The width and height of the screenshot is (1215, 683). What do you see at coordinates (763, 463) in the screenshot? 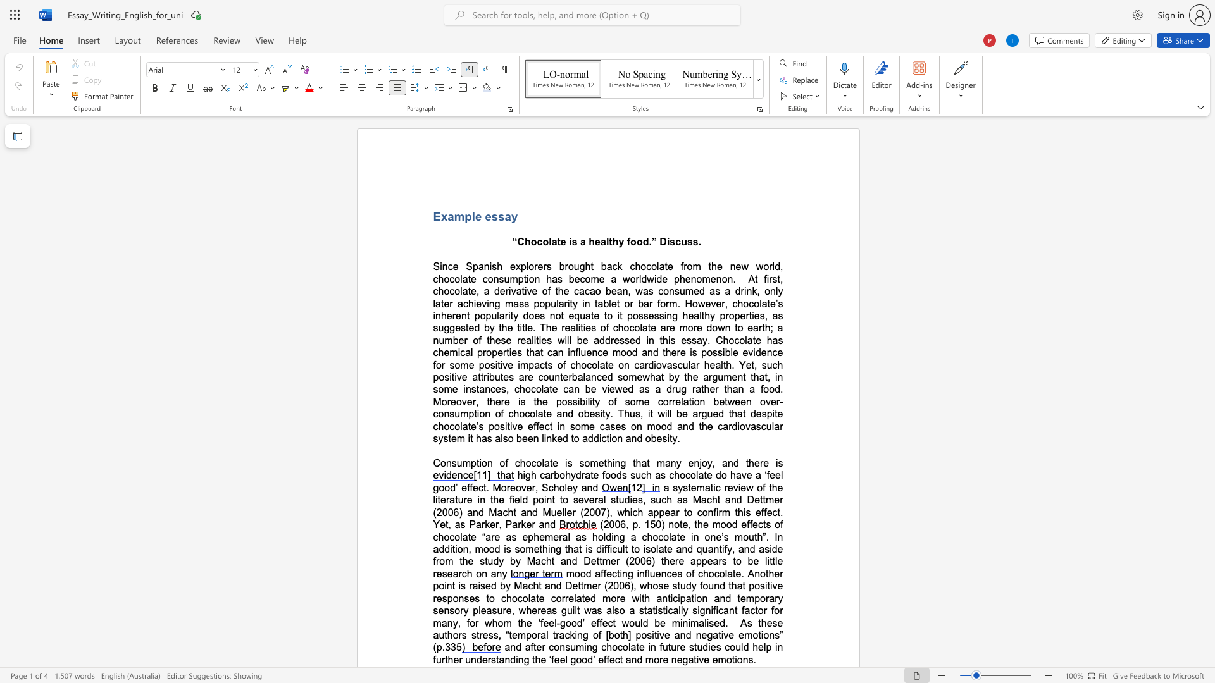
I see `the space between the continuous character "r" and "e" in the text` at bounding box center [763, 463].